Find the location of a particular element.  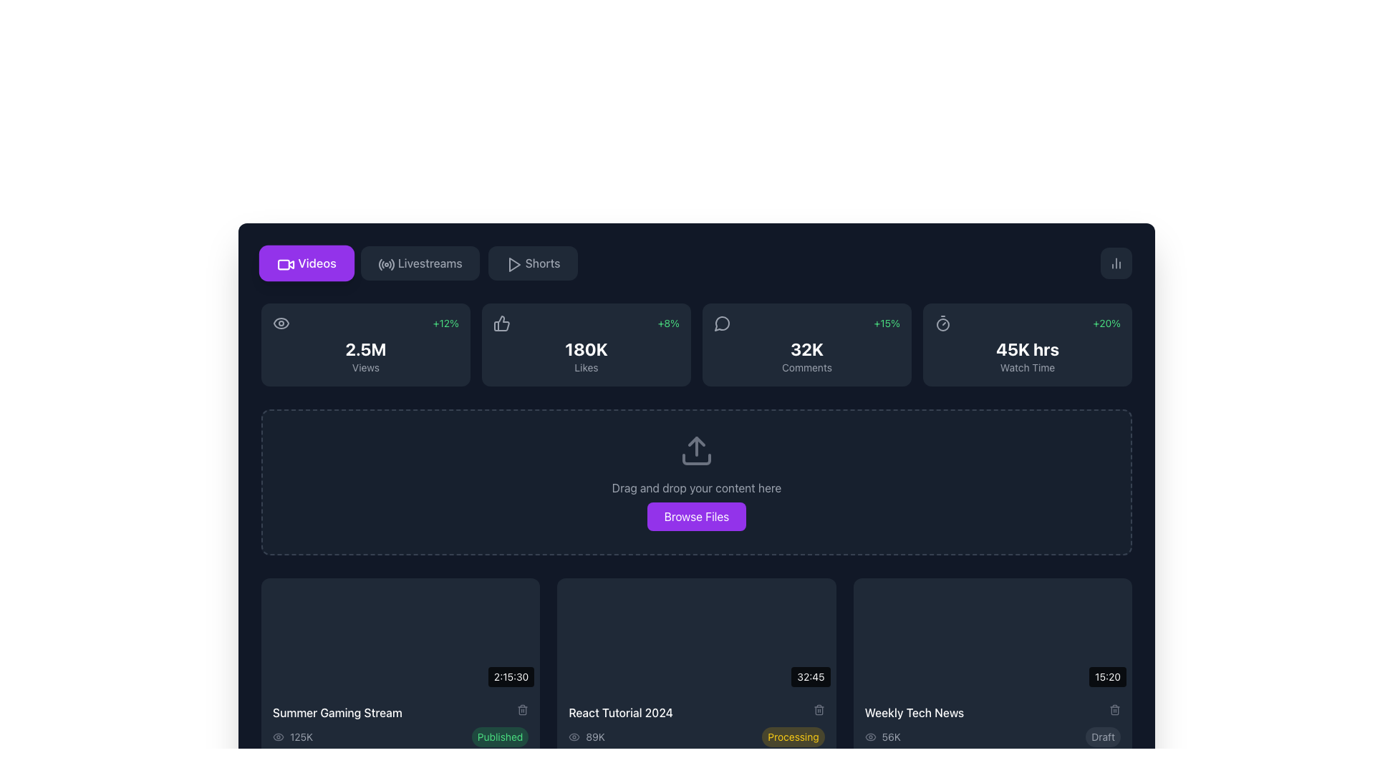

the 'Watch Time' icon located in the summary cards section, slightly right of center is located at coordinates (942, 323).